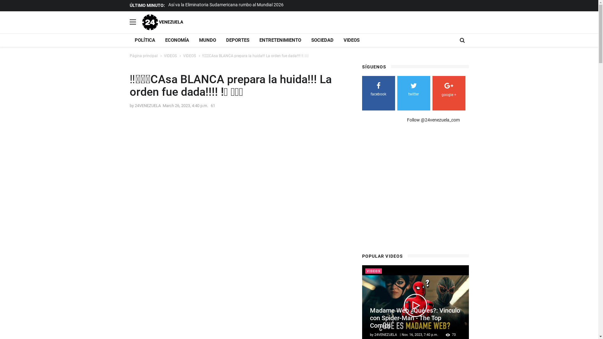 This screenshot has width=603, height=339. Describe the element at coordinates (189, 55) in the screenshot. I see `'VIDEOS'` at that location.